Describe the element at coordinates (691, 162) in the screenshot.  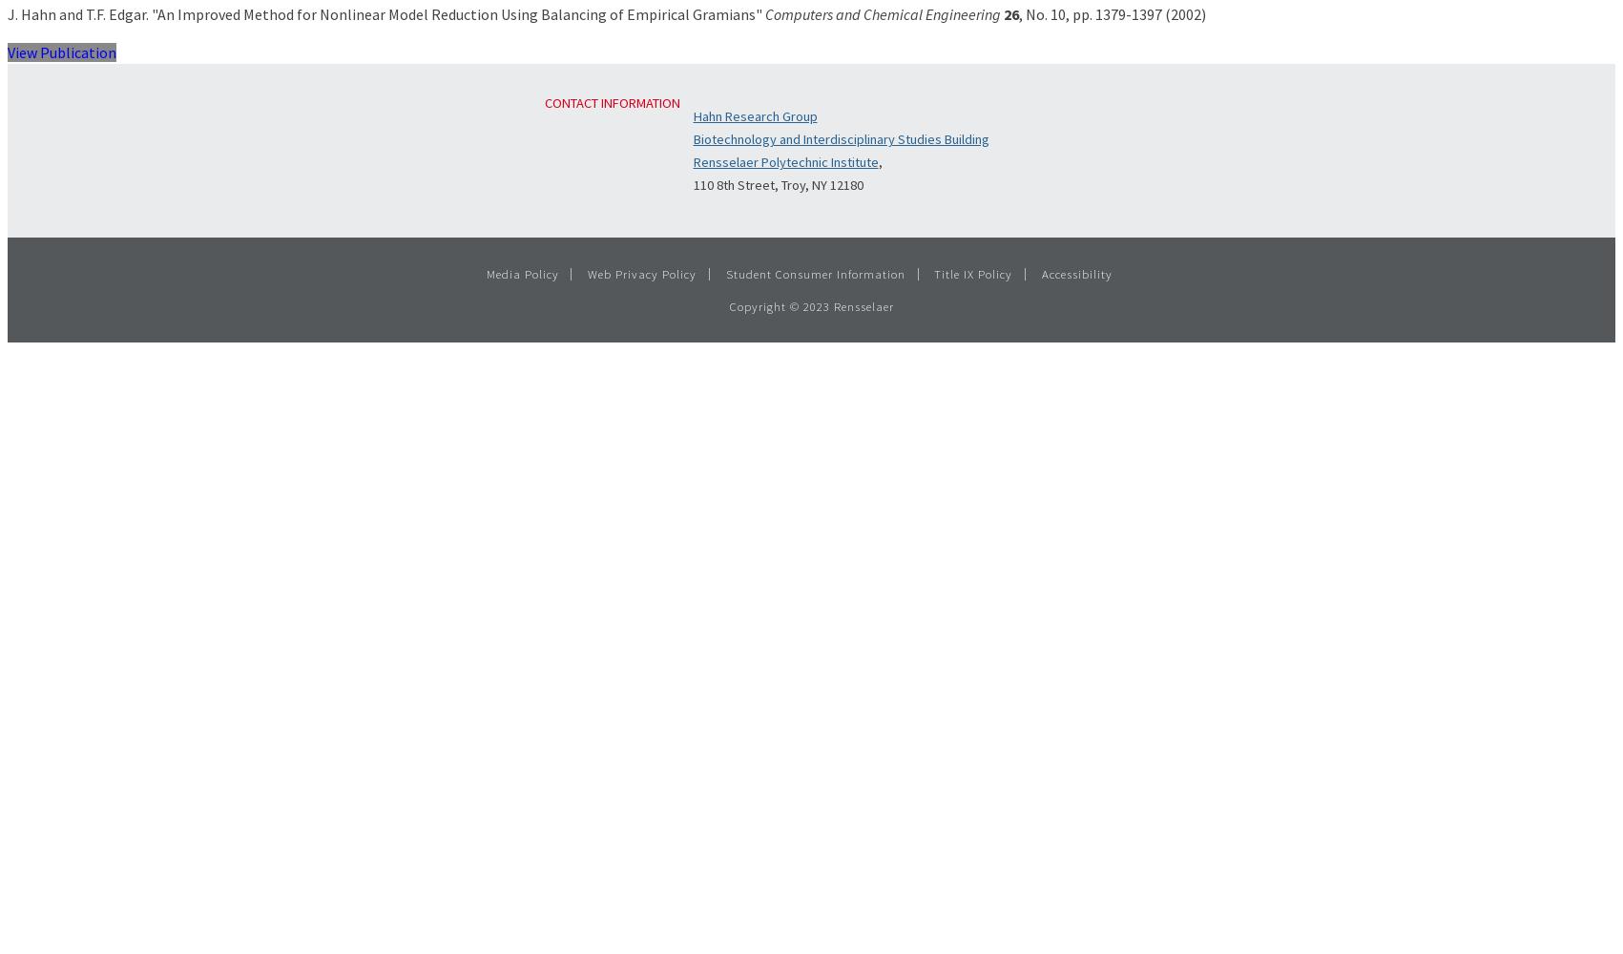
I see `'Rensselaer Polytechnic Institute'` at that location.